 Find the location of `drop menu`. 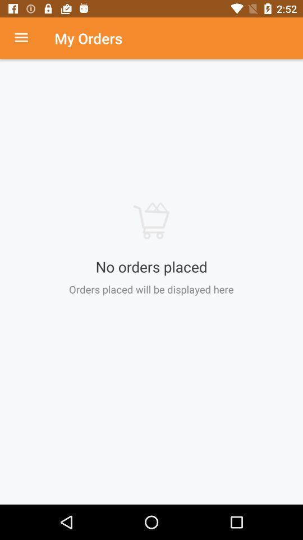

drop menu is located at coordinates (27, 38).